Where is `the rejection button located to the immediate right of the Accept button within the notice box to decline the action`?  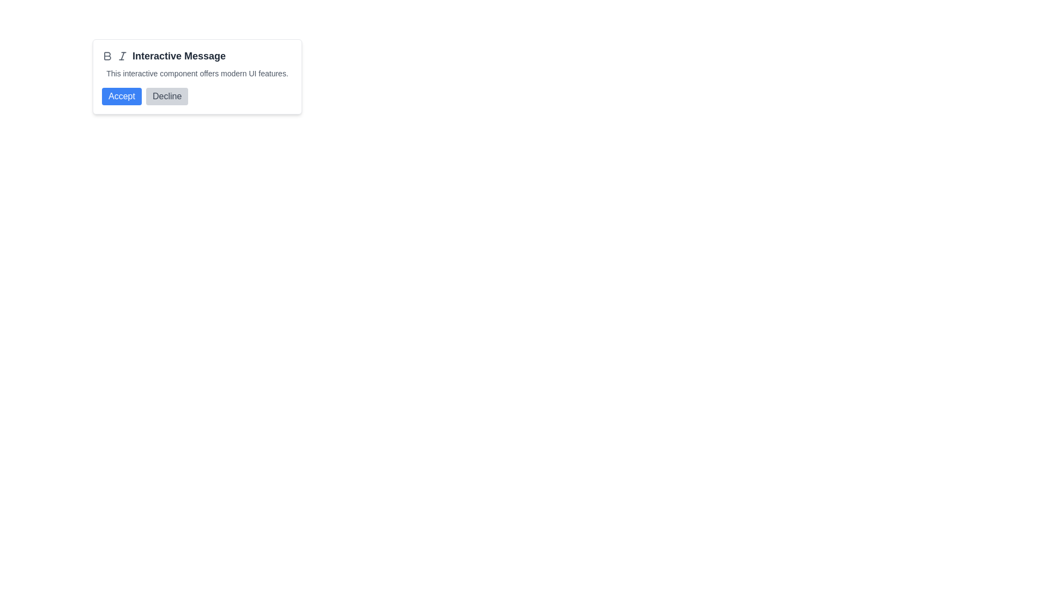
the rejection button located to the immediate right of the Accept button within the notice box to decline the action is located at coordinates (166, 96).